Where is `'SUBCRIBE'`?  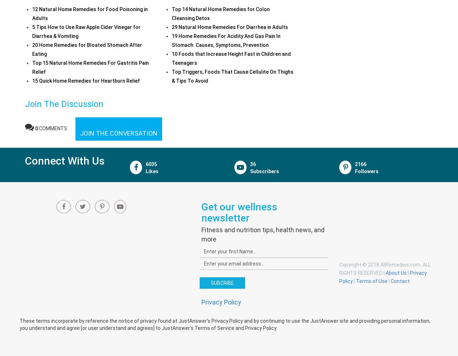
'SUBCRIBE' is located at coordinates (221, 283).